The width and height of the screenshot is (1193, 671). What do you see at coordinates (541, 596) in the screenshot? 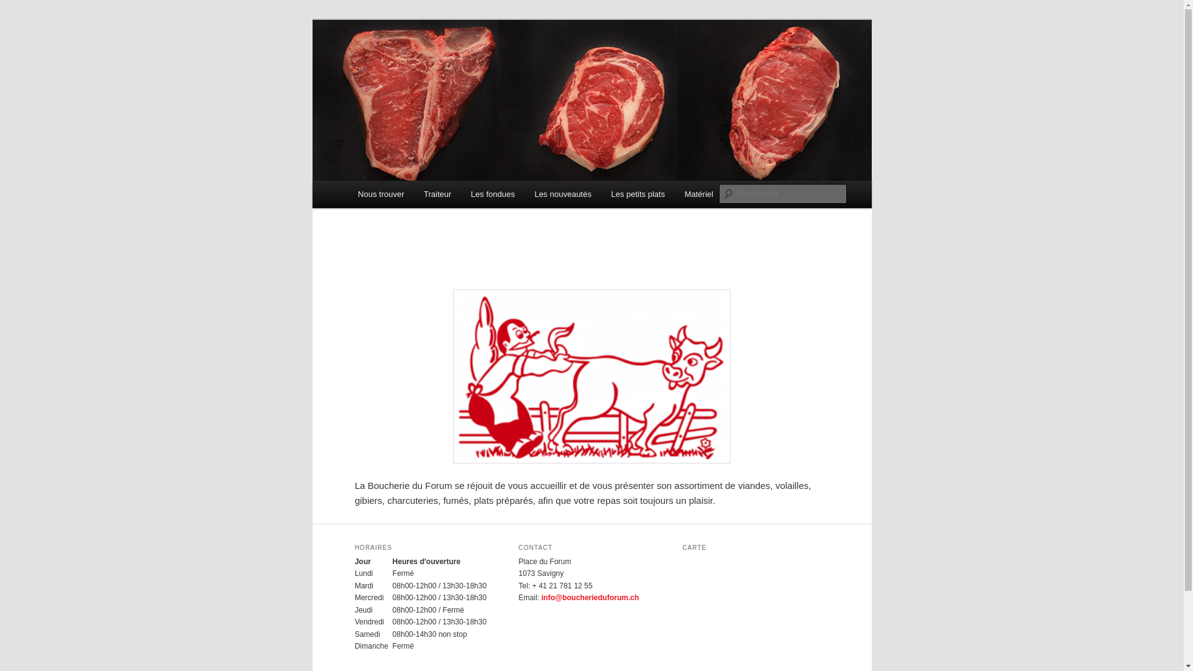
I see `'info@boucherieduforum.ch'` at bounding box center [541, 596].